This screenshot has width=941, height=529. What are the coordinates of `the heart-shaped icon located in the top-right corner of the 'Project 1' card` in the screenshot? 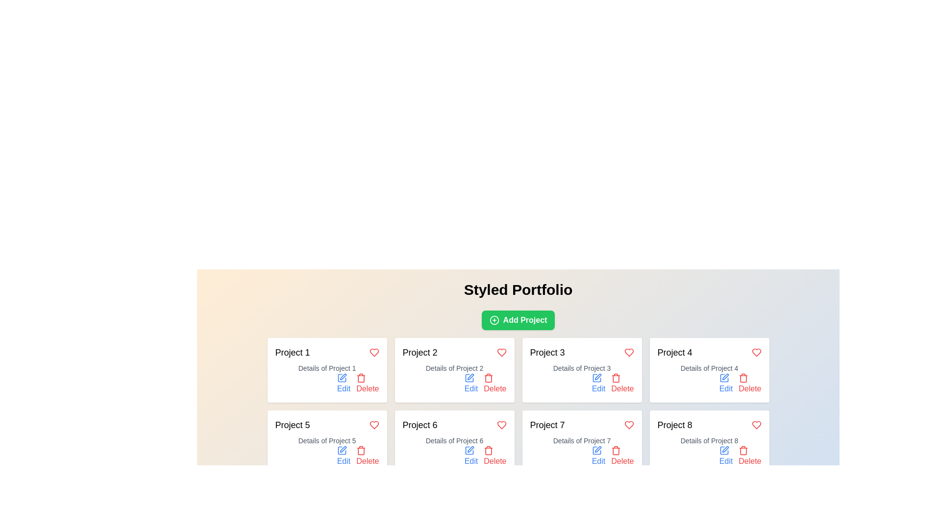 It's located at (373, 353).